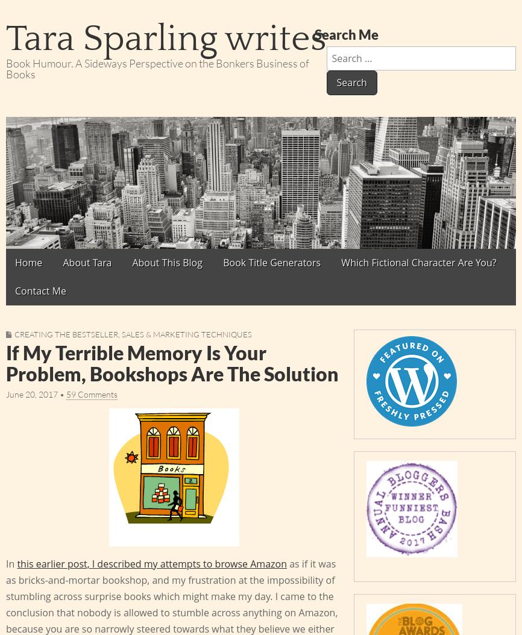  Describe the element at coordinates (31, 394) in the screenshot. I see `'June 20, 2017'` at that location.